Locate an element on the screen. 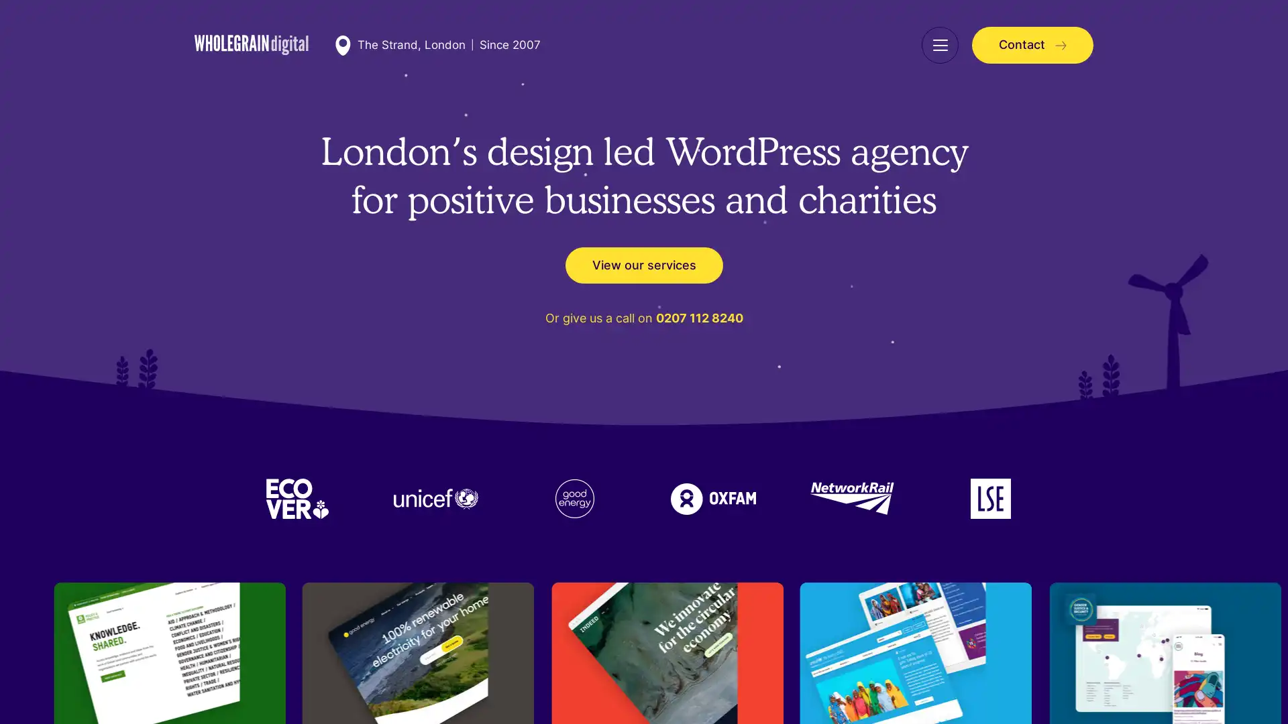  Open menu is located at coordinates (939, 44).